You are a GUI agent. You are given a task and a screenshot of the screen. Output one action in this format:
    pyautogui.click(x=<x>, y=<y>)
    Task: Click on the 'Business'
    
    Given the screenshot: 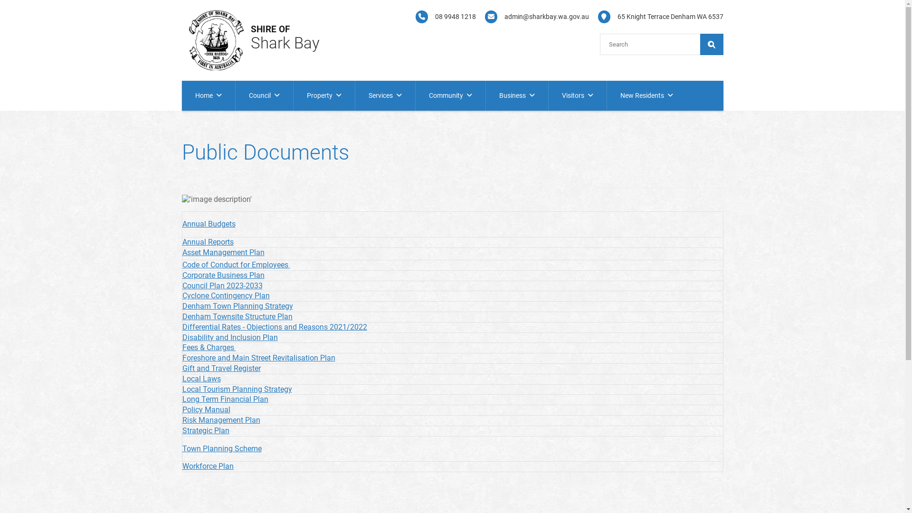 What is the action you would take?
    pyautogui.click(x=516, y=95)
    